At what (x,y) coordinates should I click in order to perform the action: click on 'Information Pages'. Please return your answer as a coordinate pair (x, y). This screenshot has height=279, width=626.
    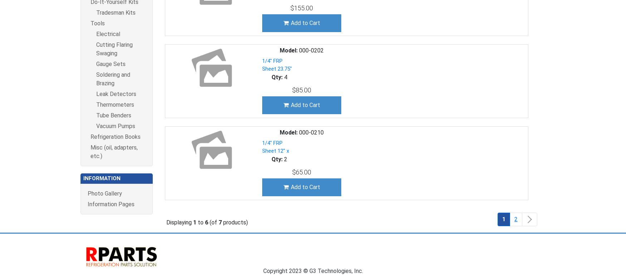
    Looking at the image, I should click on (111, 204).